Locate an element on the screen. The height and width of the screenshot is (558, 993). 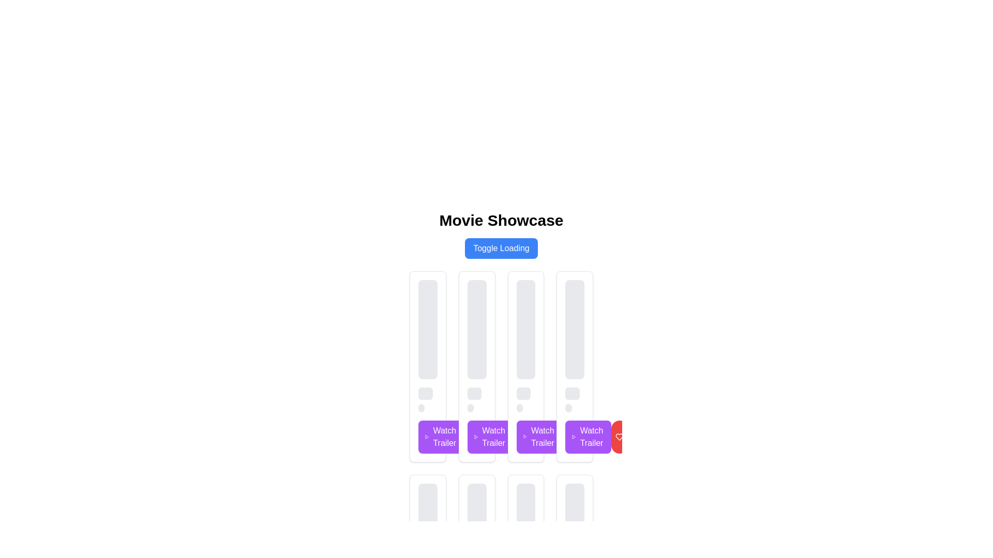
the rightmost purple rectangular button labeled 'Watch Trailer' to initiate trailer playback is located at coordinates (574, 437).